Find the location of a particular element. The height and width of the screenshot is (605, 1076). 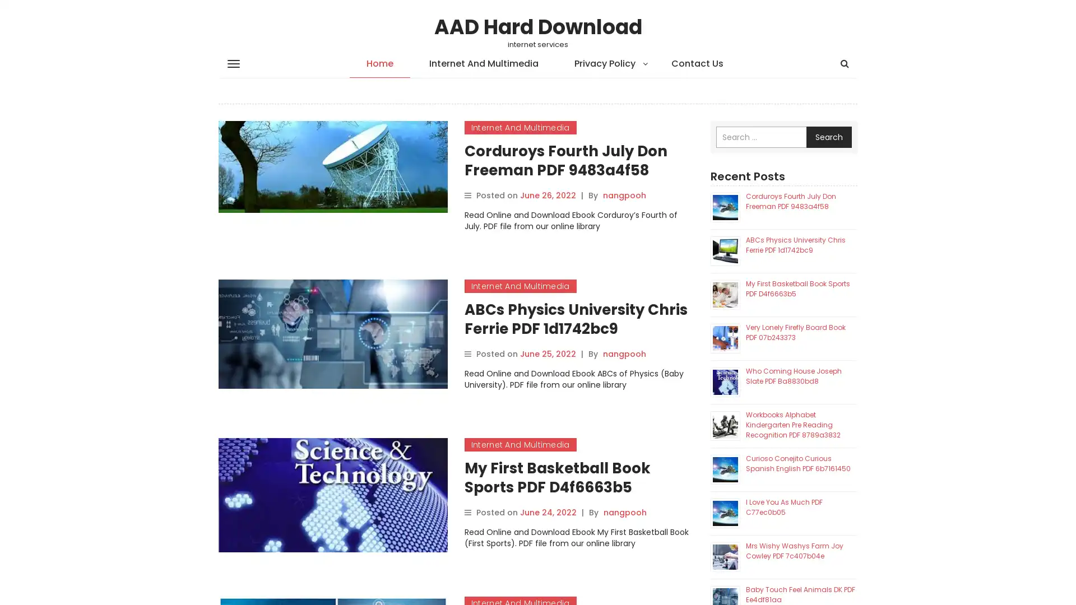

Search is located at coordinates (829, 137).